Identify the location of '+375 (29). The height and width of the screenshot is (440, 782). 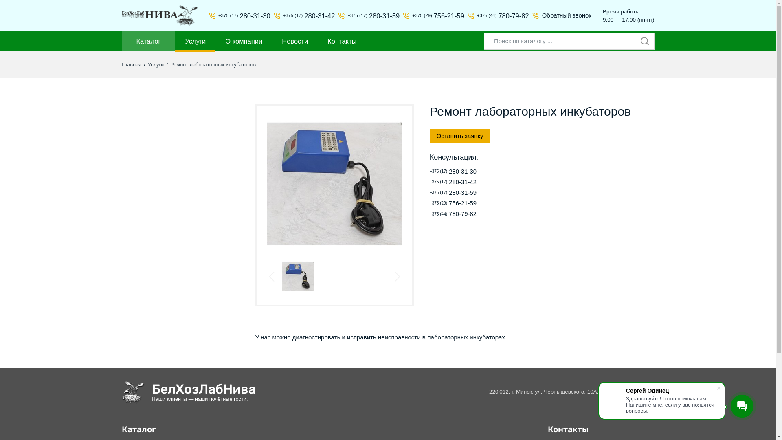
(483, 203).